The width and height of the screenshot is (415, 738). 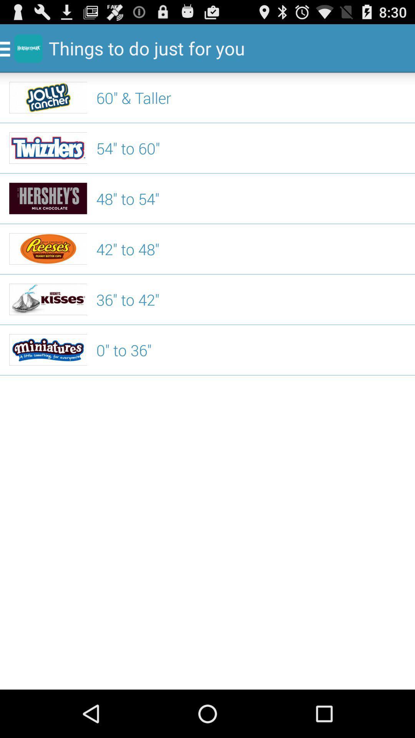 What do you see at coordinates (251, 97) in the screenshot?
I see `the icon below the things to do` at bounding box center [251, 97].